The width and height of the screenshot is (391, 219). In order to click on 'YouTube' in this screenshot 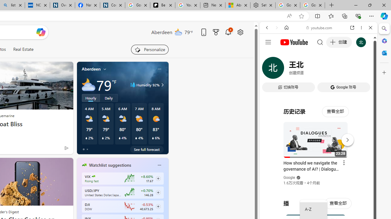, I will do `click(316, 90)`.